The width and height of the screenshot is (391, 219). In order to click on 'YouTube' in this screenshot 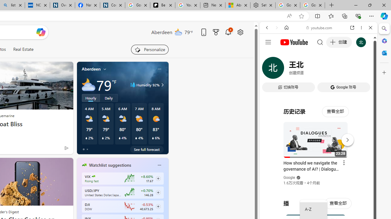, I will do `click(316, 90)`.